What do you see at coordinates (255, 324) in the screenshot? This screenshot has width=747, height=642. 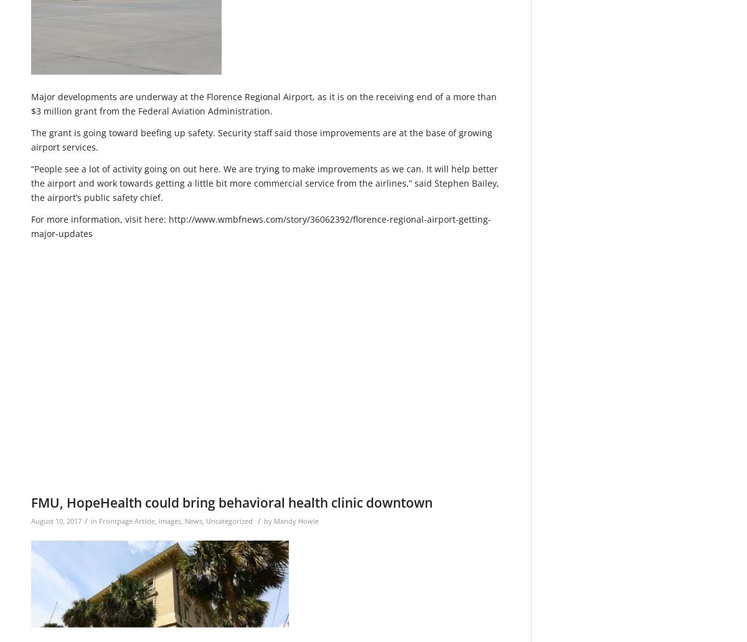 I see `'/wp-content/uploads/2015/11/Web-redesign-300x121.png'` at bounding box center [255, 324].